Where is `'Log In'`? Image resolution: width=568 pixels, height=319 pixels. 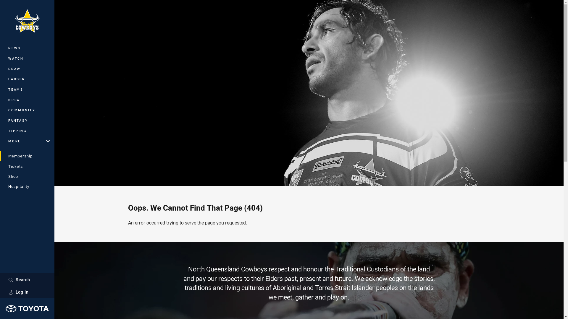
'Log In' is located at coordinates (27, 292).